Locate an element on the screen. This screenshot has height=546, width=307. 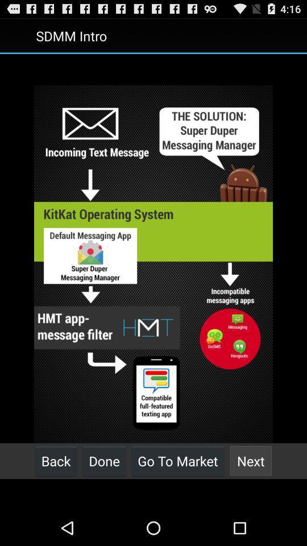
the button next to the done button is located at coordinates (177, 461).